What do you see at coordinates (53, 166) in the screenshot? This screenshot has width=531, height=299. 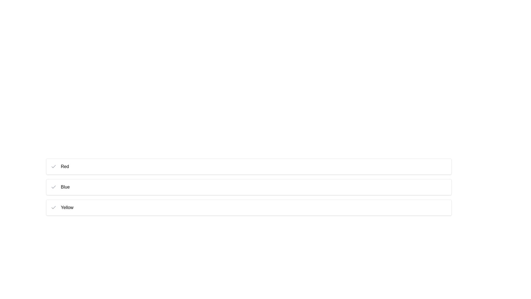 I see `the checkmark icon that indicates selection or completion status, located adjacent to the label reading 'Blue'` at bounding box center [53, 166].